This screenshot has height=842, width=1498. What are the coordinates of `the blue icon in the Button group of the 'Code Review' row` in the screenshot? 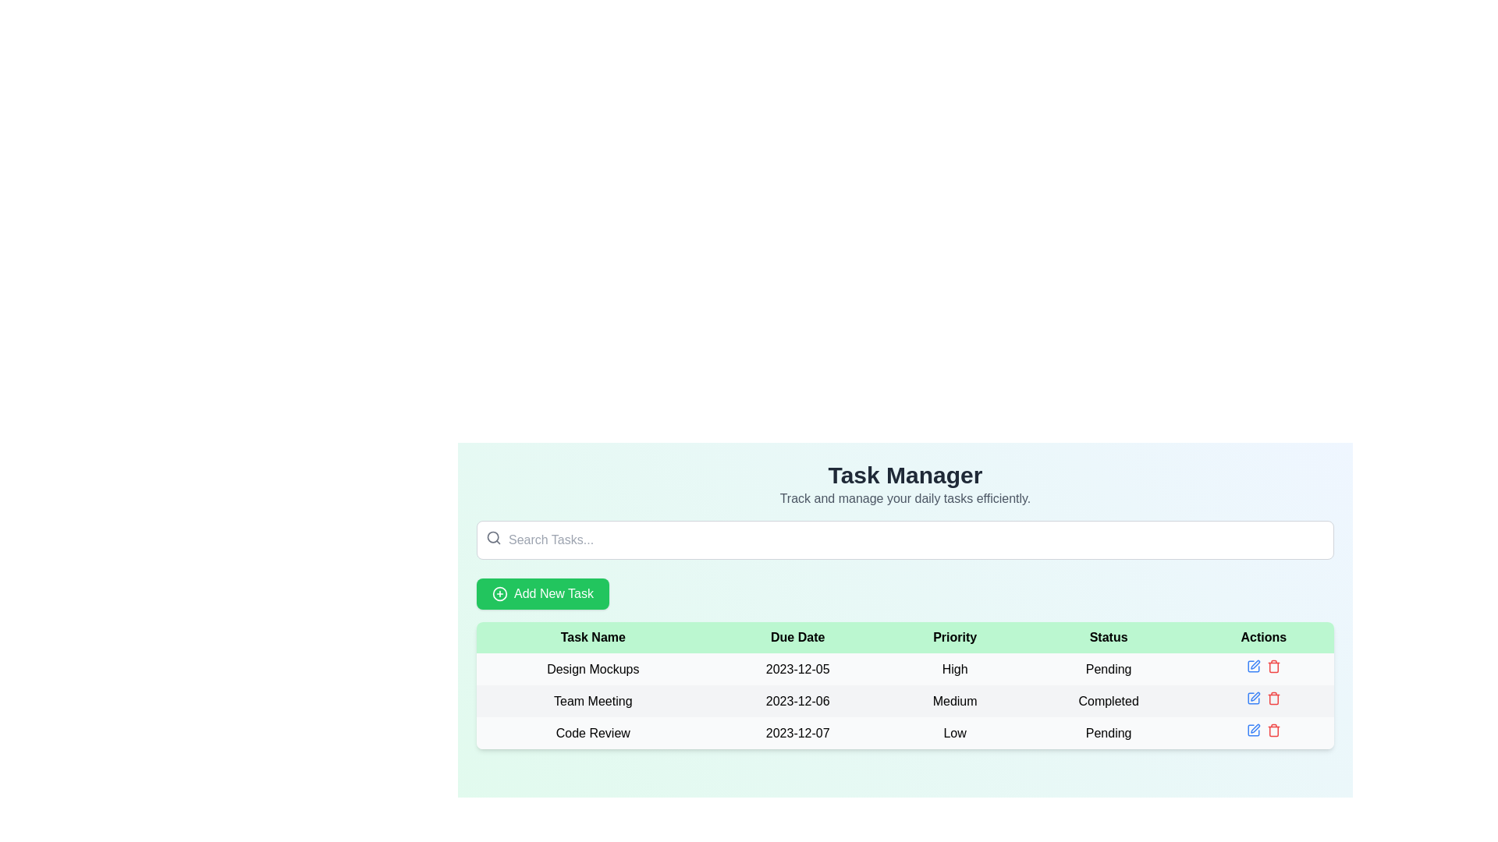 It's located at (1263, 733).